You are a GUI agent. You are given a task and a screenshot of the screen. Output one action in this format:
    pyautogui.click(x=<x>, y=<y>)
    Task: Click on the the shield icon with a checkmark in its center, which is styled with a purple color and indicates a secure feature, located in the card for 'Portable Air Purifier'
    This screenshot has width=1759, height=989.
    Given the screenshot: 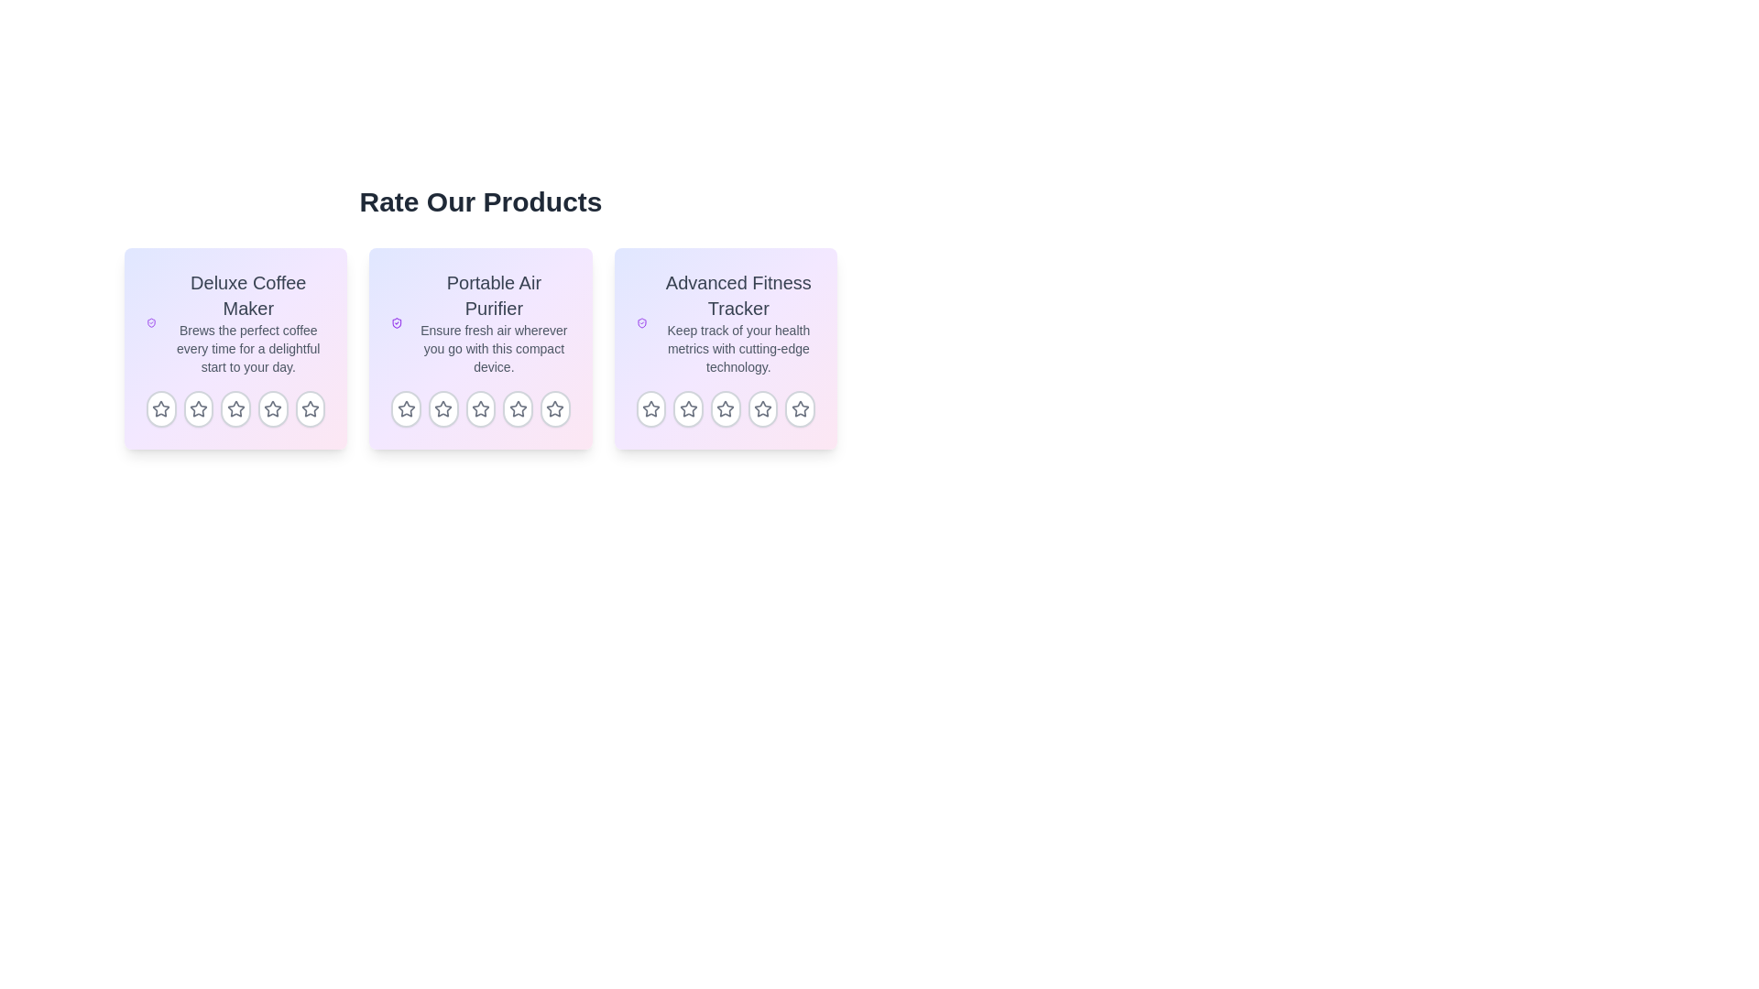 What is the action you would take?
    pyautogui.click(x=396, y=322)
    